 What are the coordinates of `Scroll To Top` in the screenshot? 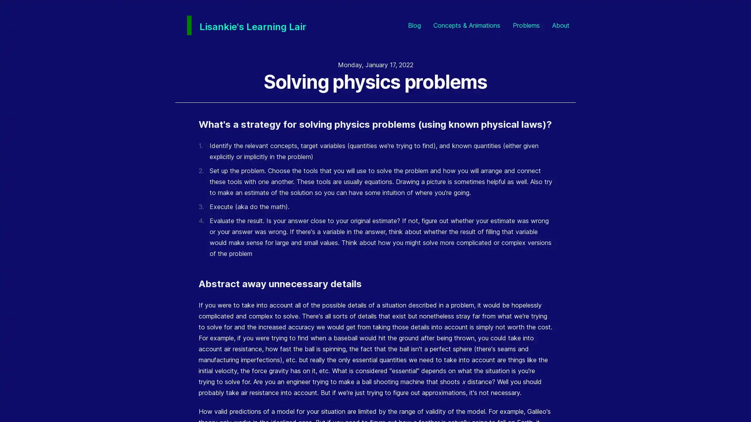 It's located at (731, 402).